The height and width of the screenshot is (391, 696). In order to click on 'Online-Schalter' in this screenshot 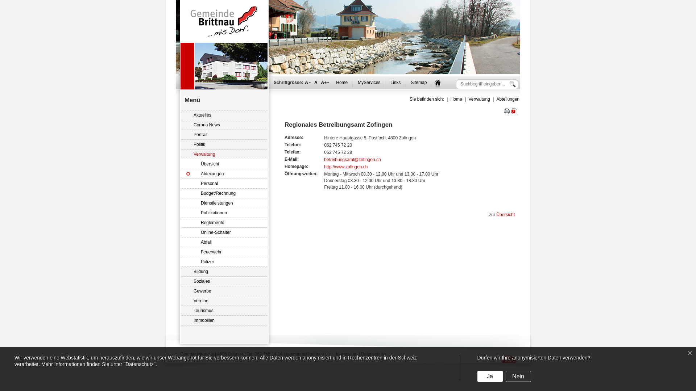, I will do `click(224, 232)`.